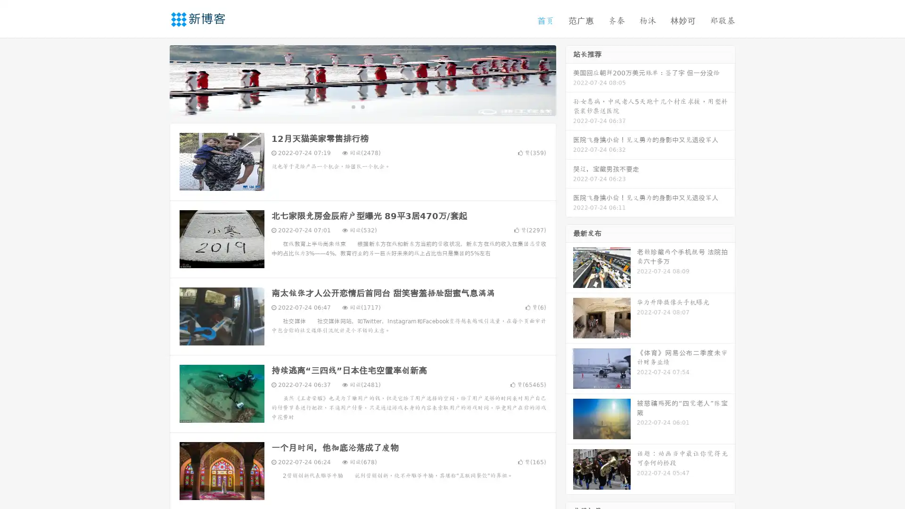 This screenshot has height=509, width=905. Describe the element at coordinates (569, 79) in the screenshot. I see `Next slide` at that location.